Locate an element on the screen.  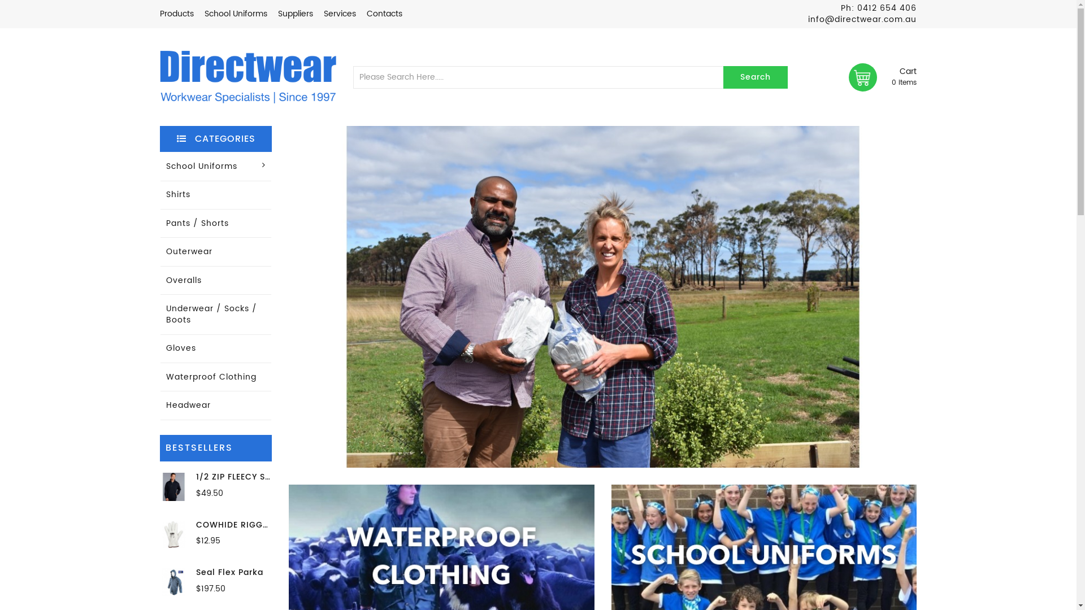
'1/2 ZIP FLEECY SWEAT 320GSM' is located at coordinates (173, 486).